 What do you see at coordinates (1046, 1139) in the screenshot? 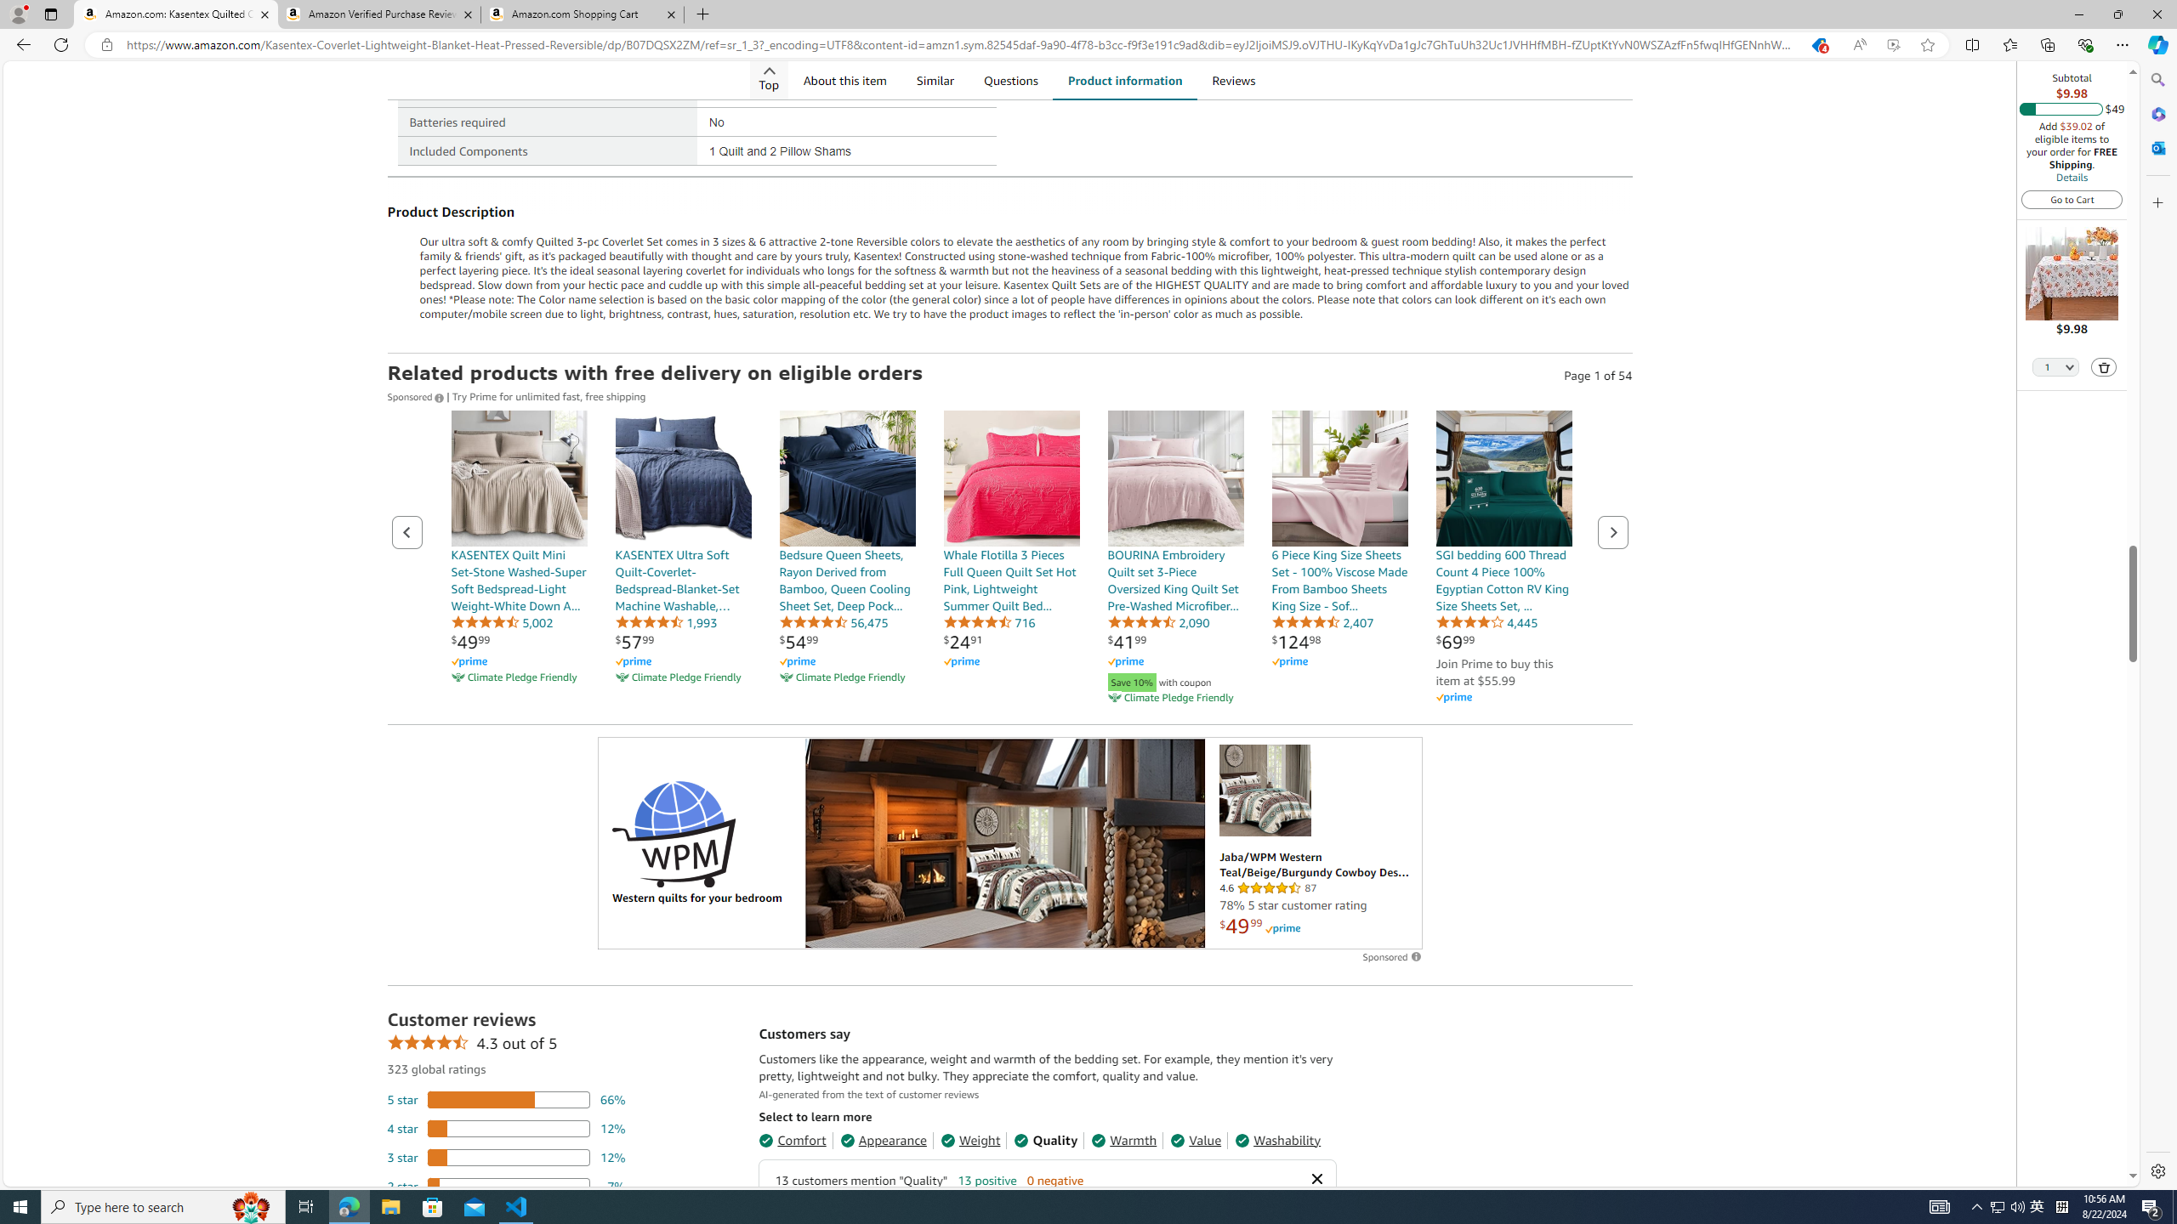
I see `'Quality'` at bounding box center [1046, 1139].